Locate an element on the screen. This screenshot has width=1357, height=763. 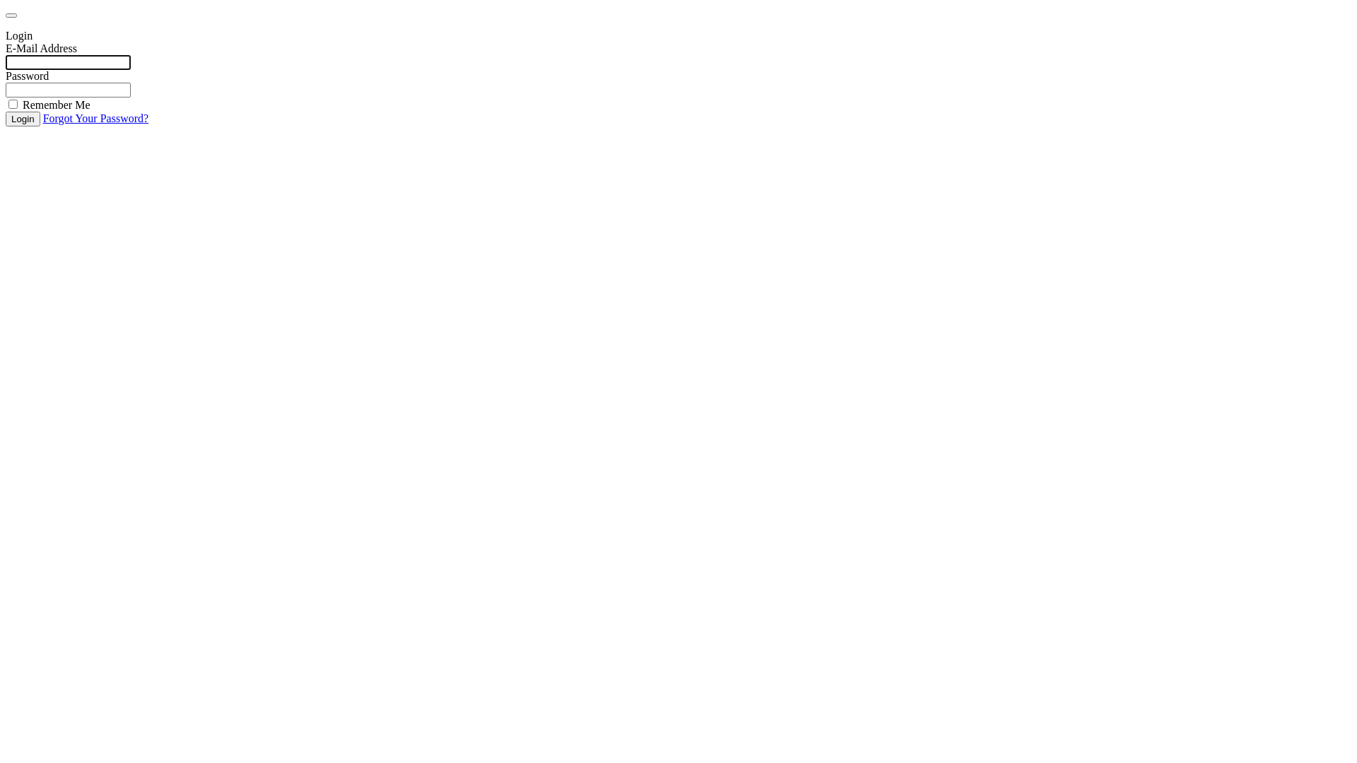
'Login' is located at coordinates (23, 118).